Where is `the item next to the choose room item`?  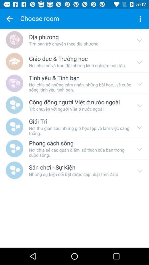 the item next to the choose room item is located at coordinates (10, 19).